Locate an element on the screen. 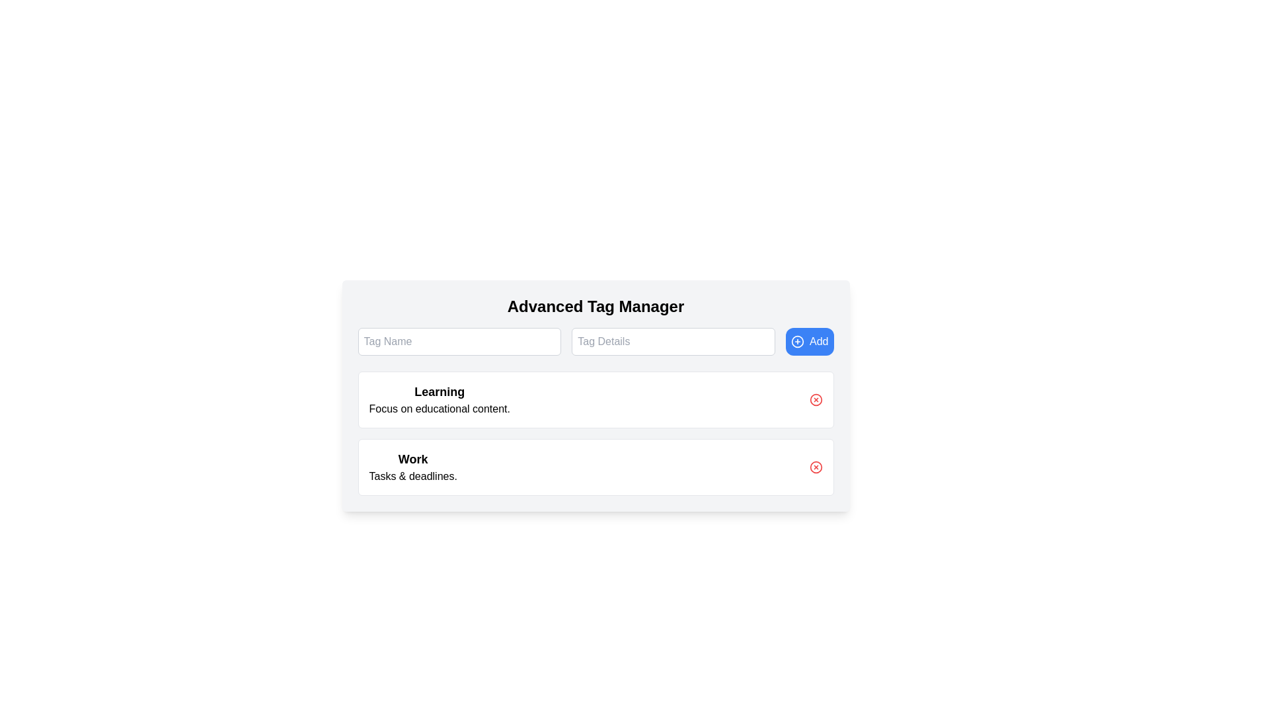 This screenshot has width=1269, height=714. the static text label that informs the user about tasks and deadlines, positioned beneath the 'Work' title and slightly indented from the left end of it is located at coordinates (412, 477).